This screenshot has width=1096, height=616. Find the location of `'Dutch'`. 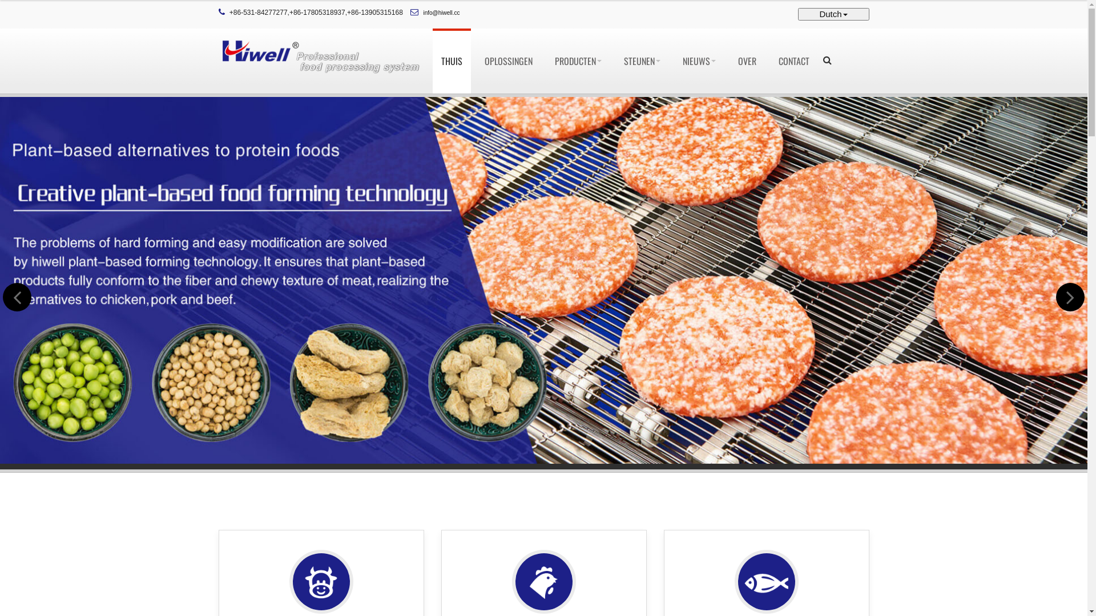

'Dutch' is located at coordinates (833, 14).